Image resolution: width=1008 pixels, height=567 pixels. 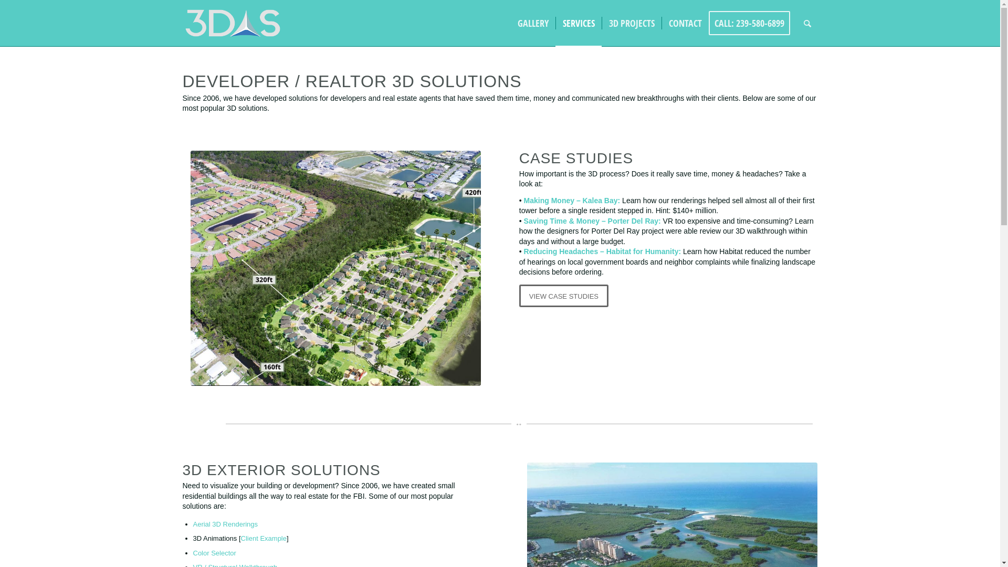 I want to click on 'VIEW CASE STUDIES', so click(x=563, y=296).